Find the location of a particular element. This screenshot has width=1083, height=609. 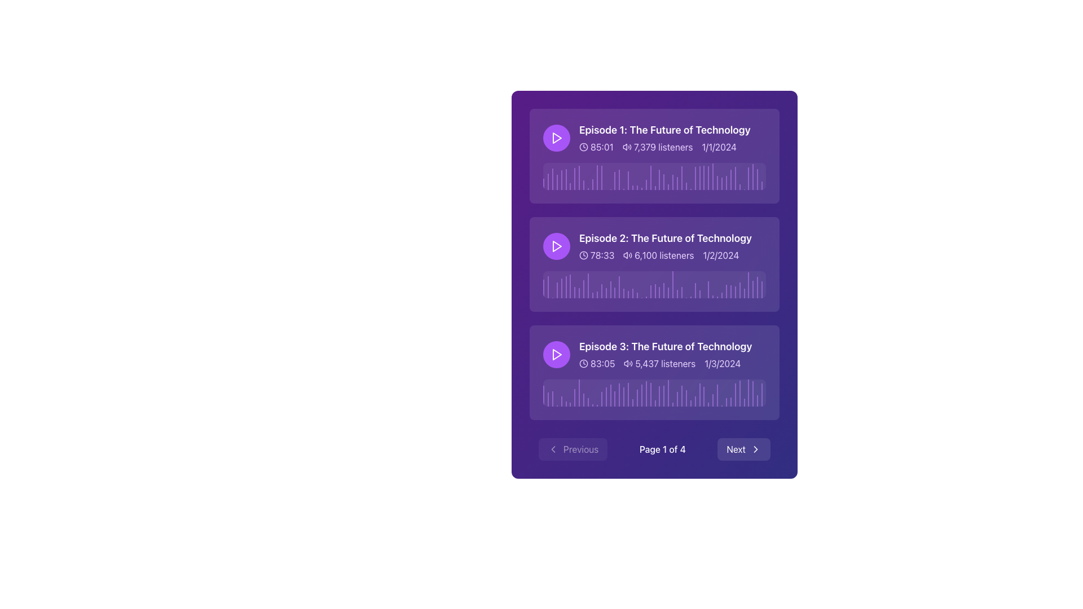

the list item titled 'Episode 2: The Future of Technology' which includes a play button and metadata is located at coordinates (654, 245).